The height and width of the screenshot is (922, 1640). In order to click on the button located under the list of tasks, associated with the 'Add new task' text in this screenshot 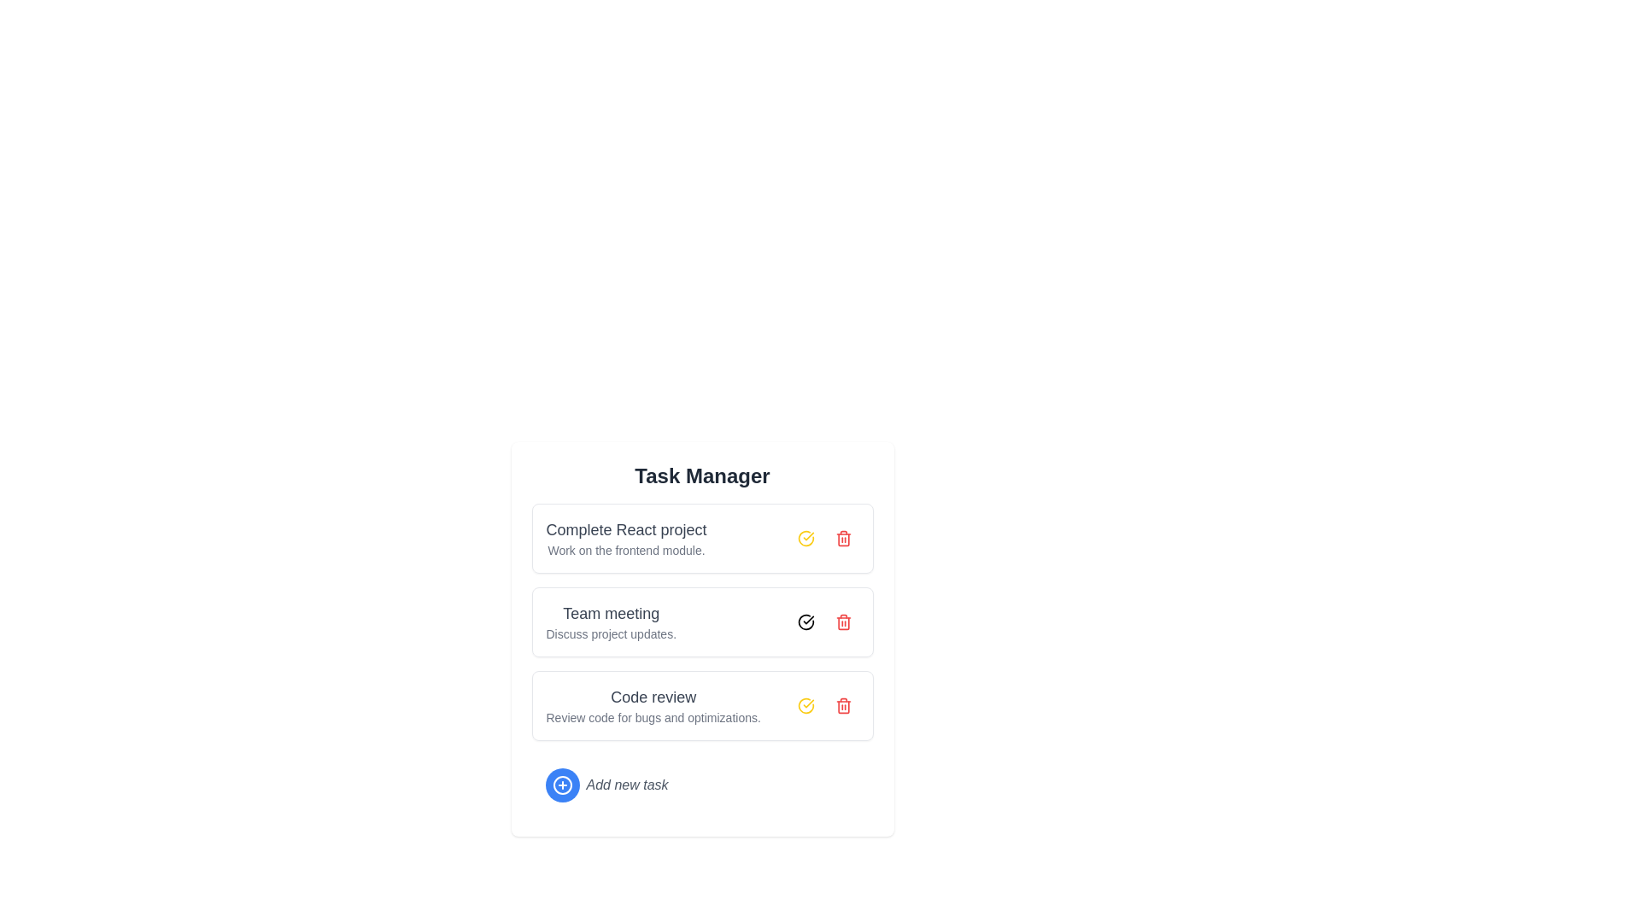, I will do `click(562, 785)`.